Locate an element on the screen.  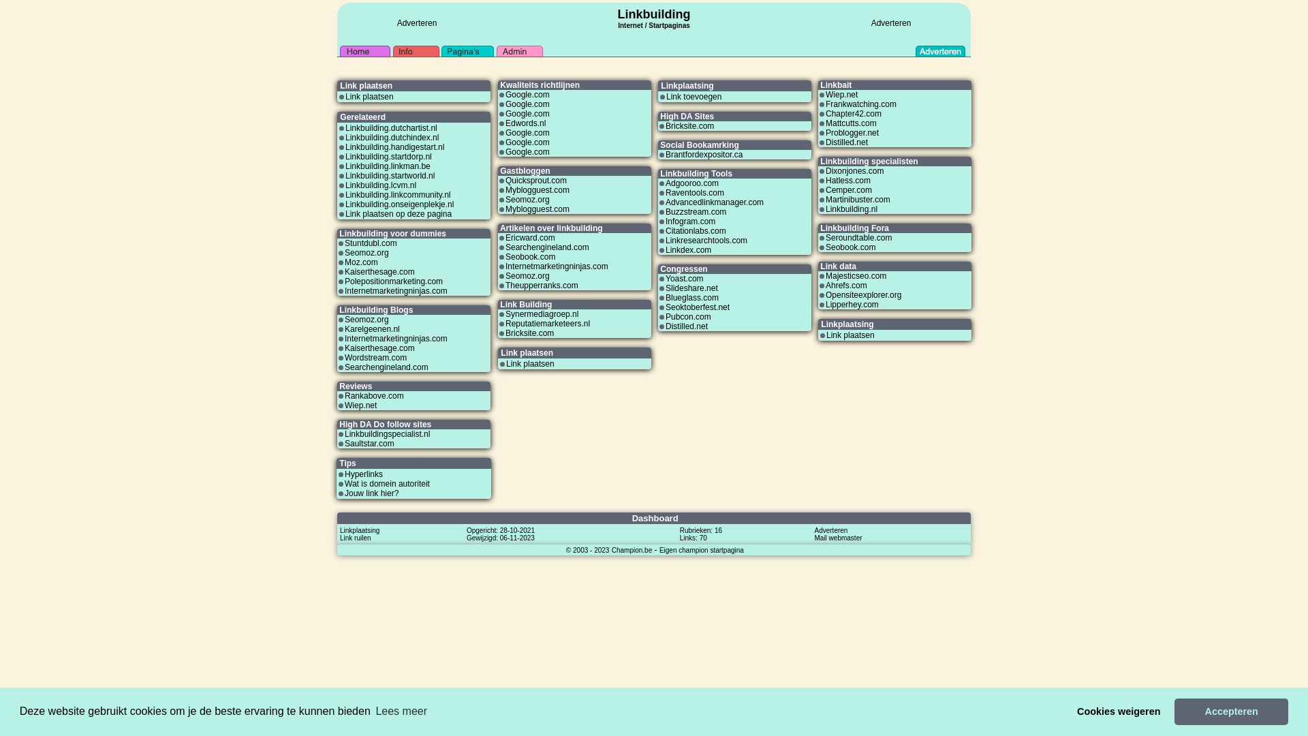
'Synermediagroep.nl' is located at coordinates (541, 314).